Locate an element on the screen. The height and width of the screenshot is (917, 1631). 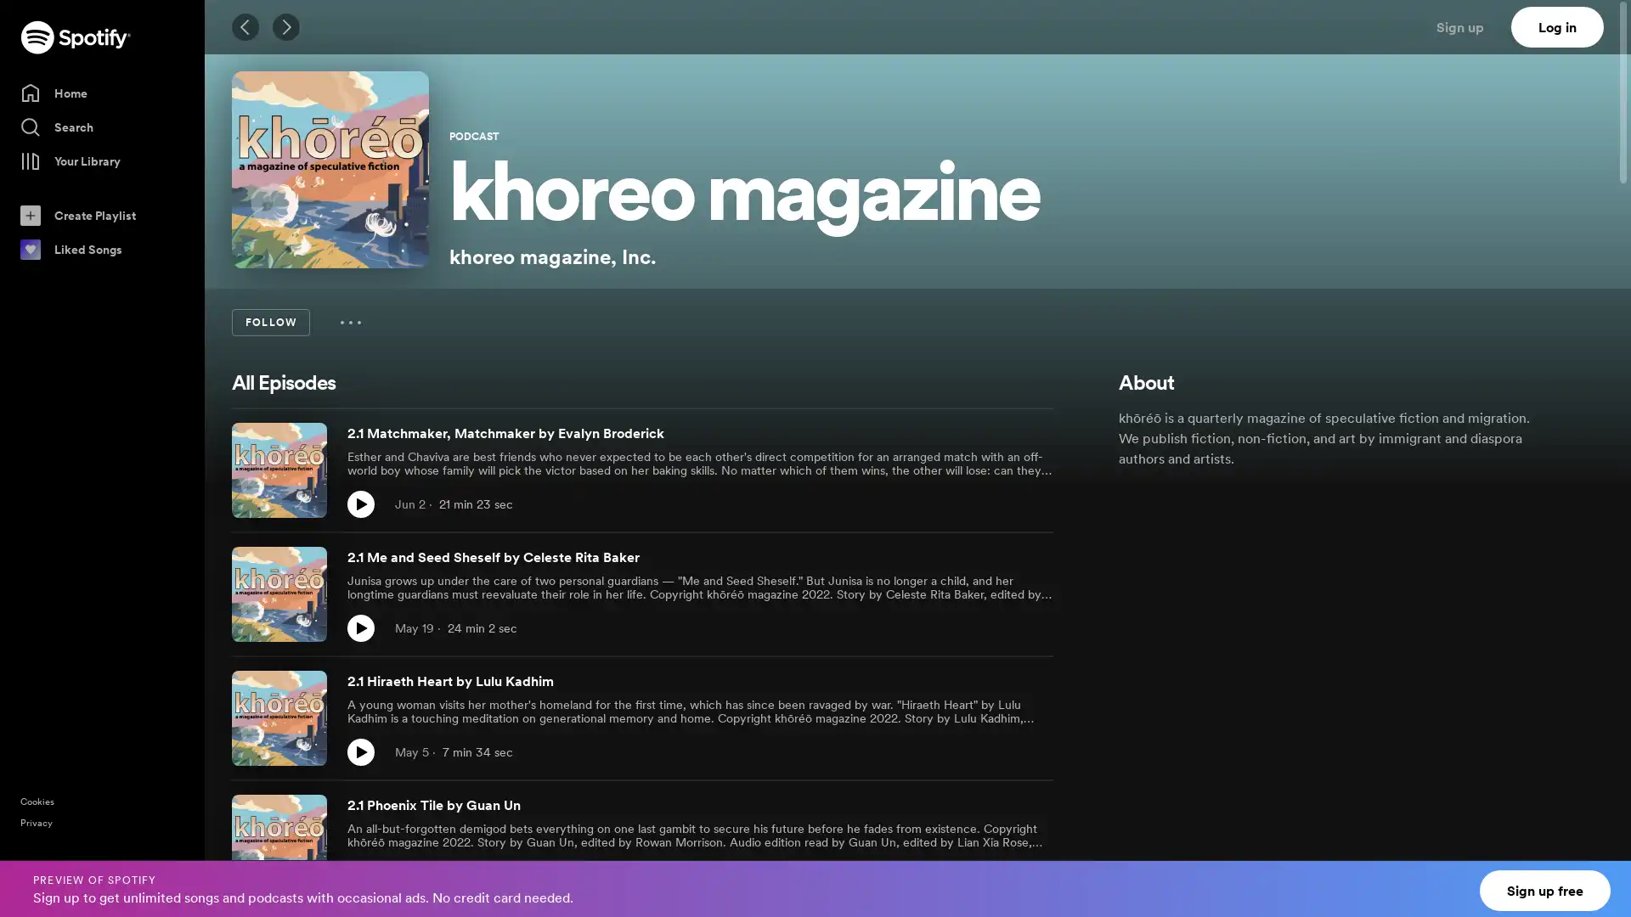
Close is located at coordinates (1602, 878).